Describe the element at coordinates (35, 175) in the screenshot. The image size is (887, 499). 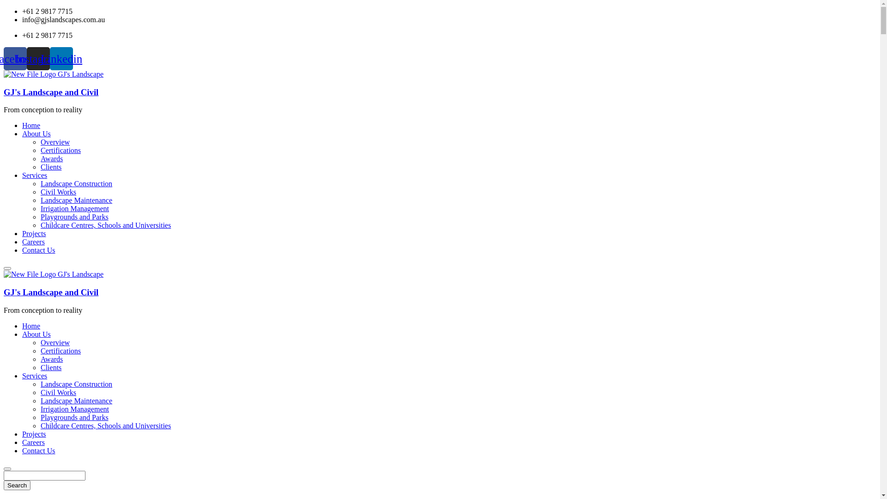
I see `'Services'` at that location.